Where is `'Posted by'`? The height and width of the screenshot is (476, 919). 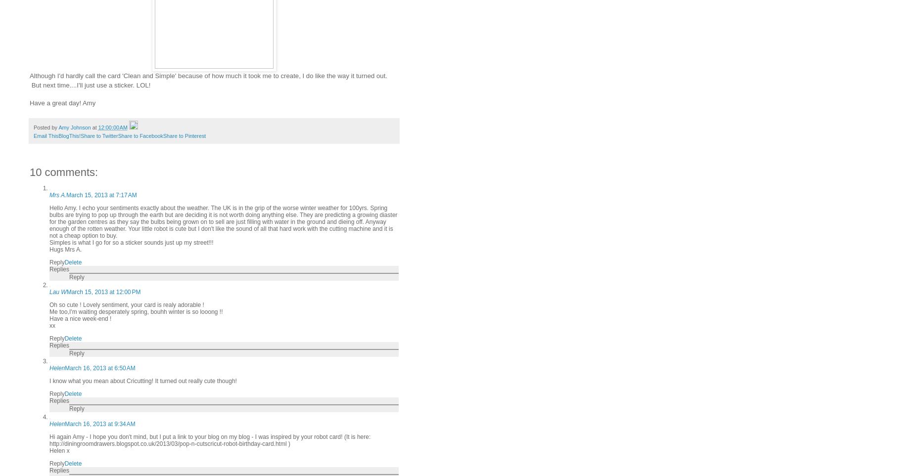
'Posted by' is located at coordinates (46, 127).